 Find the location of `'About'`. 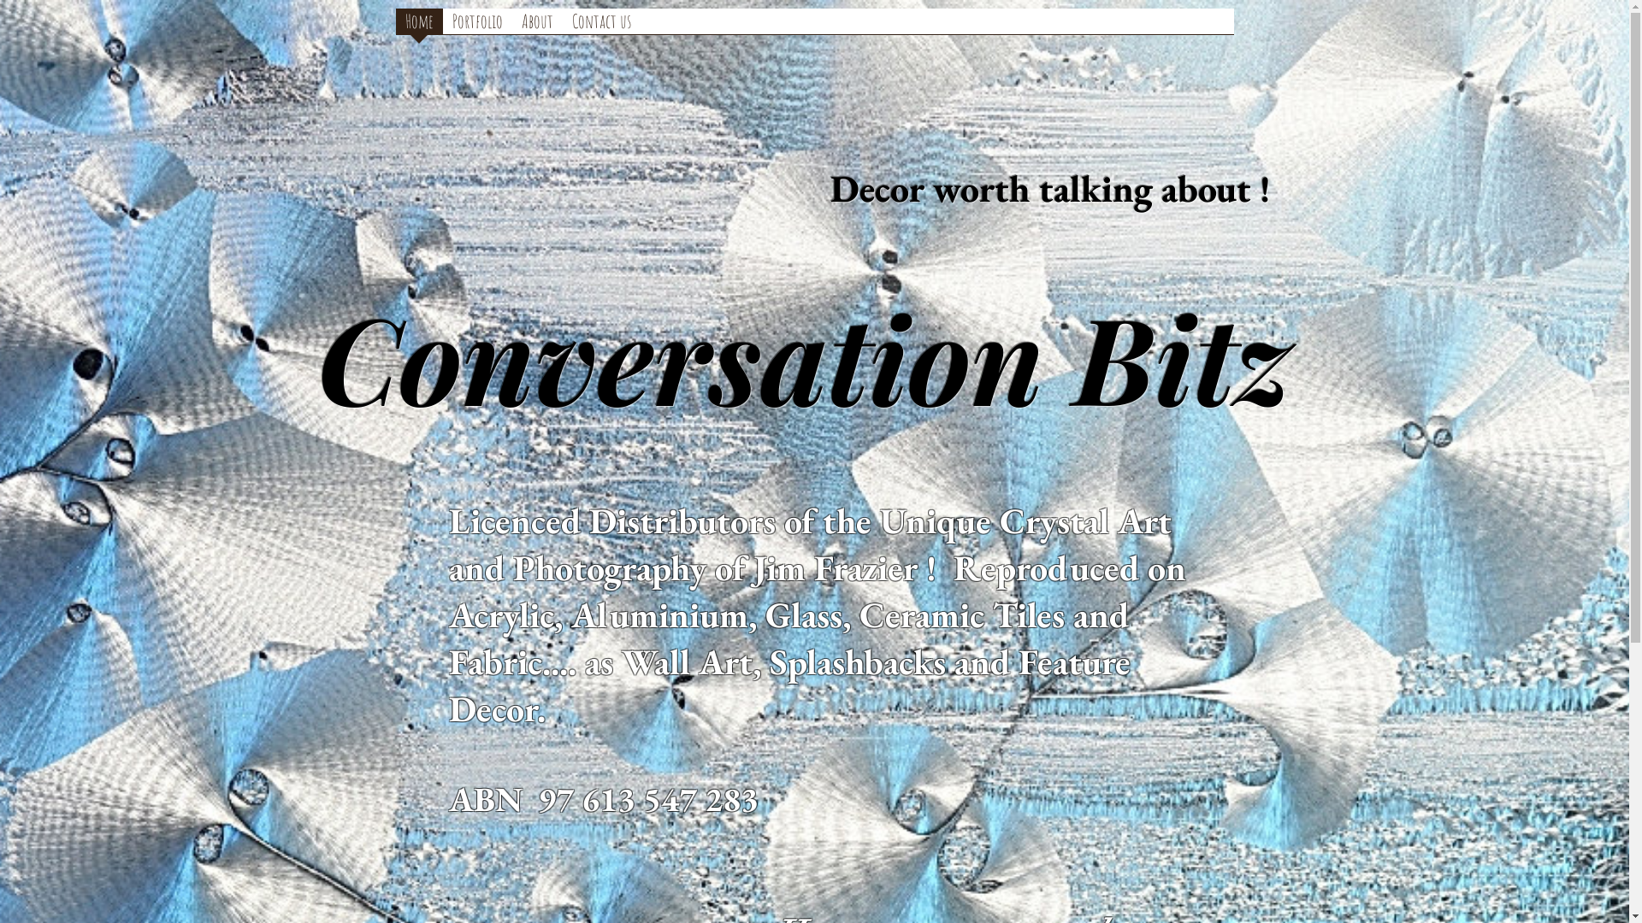

'About' is located at coordinates (511, 22).